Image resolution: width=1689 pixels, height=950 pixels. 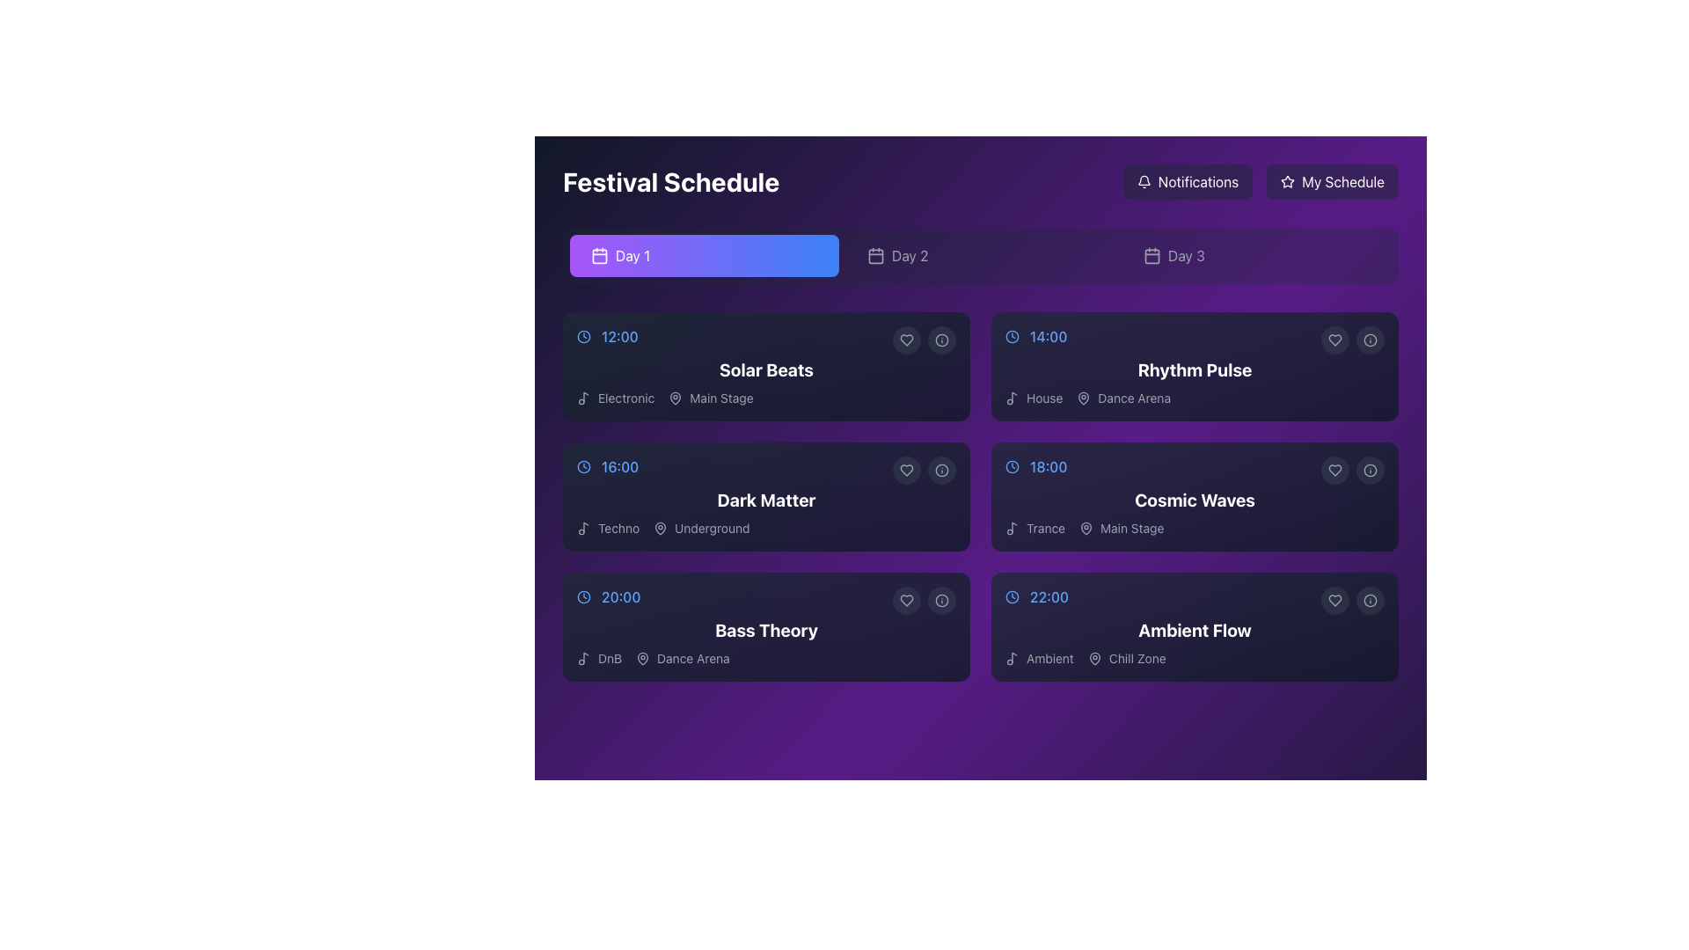 What do you see at coordinates (583, 658) in the screenshot?
I see `the 'DnB' icon located at the bottom left corner of the 'Bass Theory' event card` at bounding box center [583, 658].